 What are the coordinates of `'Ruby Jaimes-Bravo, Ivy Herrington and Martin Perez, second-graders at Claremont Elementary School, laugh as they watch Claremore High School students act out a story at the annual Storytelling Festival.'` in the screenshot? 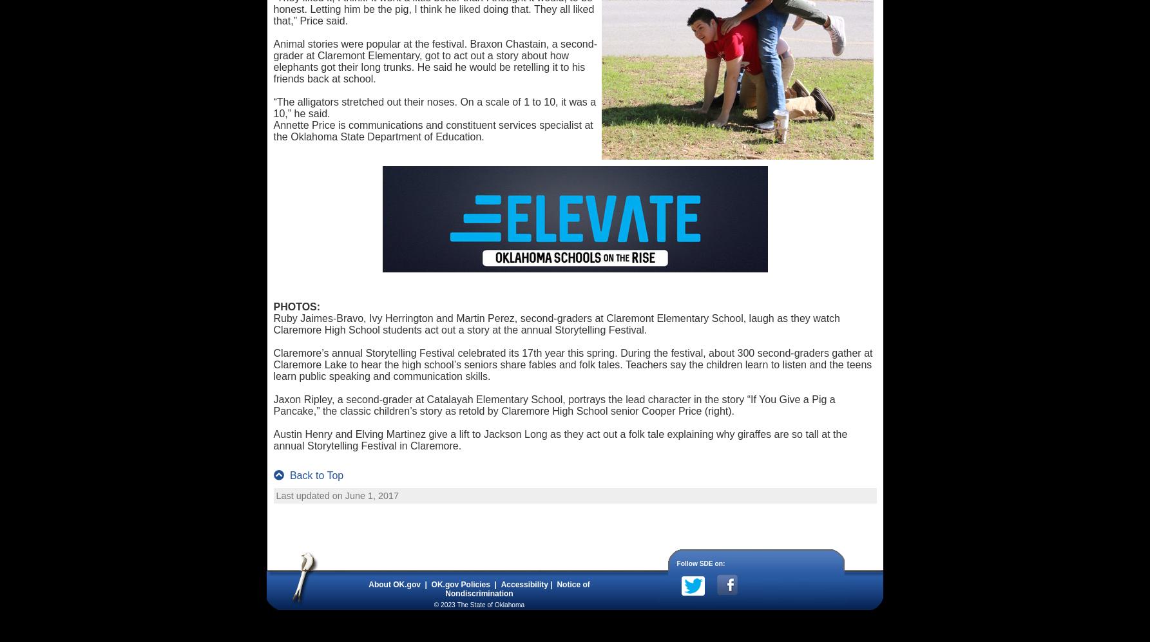 It's located at (556, 323).